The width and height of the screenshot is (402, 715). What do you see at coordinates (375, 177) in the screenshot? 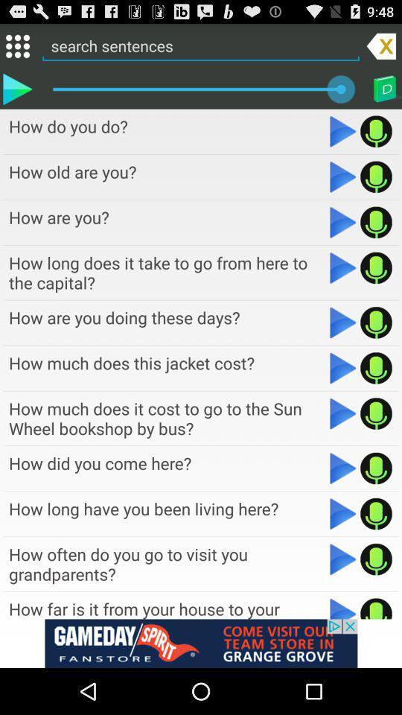
I see `the second icon which is right to the text how old are you` at bounding box center [375, 177].